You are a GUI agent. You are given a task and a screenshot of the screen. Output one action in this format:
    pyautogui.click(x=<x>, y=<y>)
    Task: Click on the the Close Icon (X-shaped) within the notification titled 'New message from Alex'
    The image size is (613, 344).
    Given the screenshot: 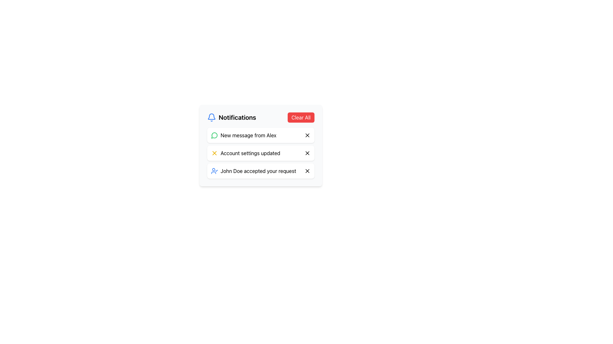 What is the action you would take?
    pyautogui.click(x=307, y=135)
    